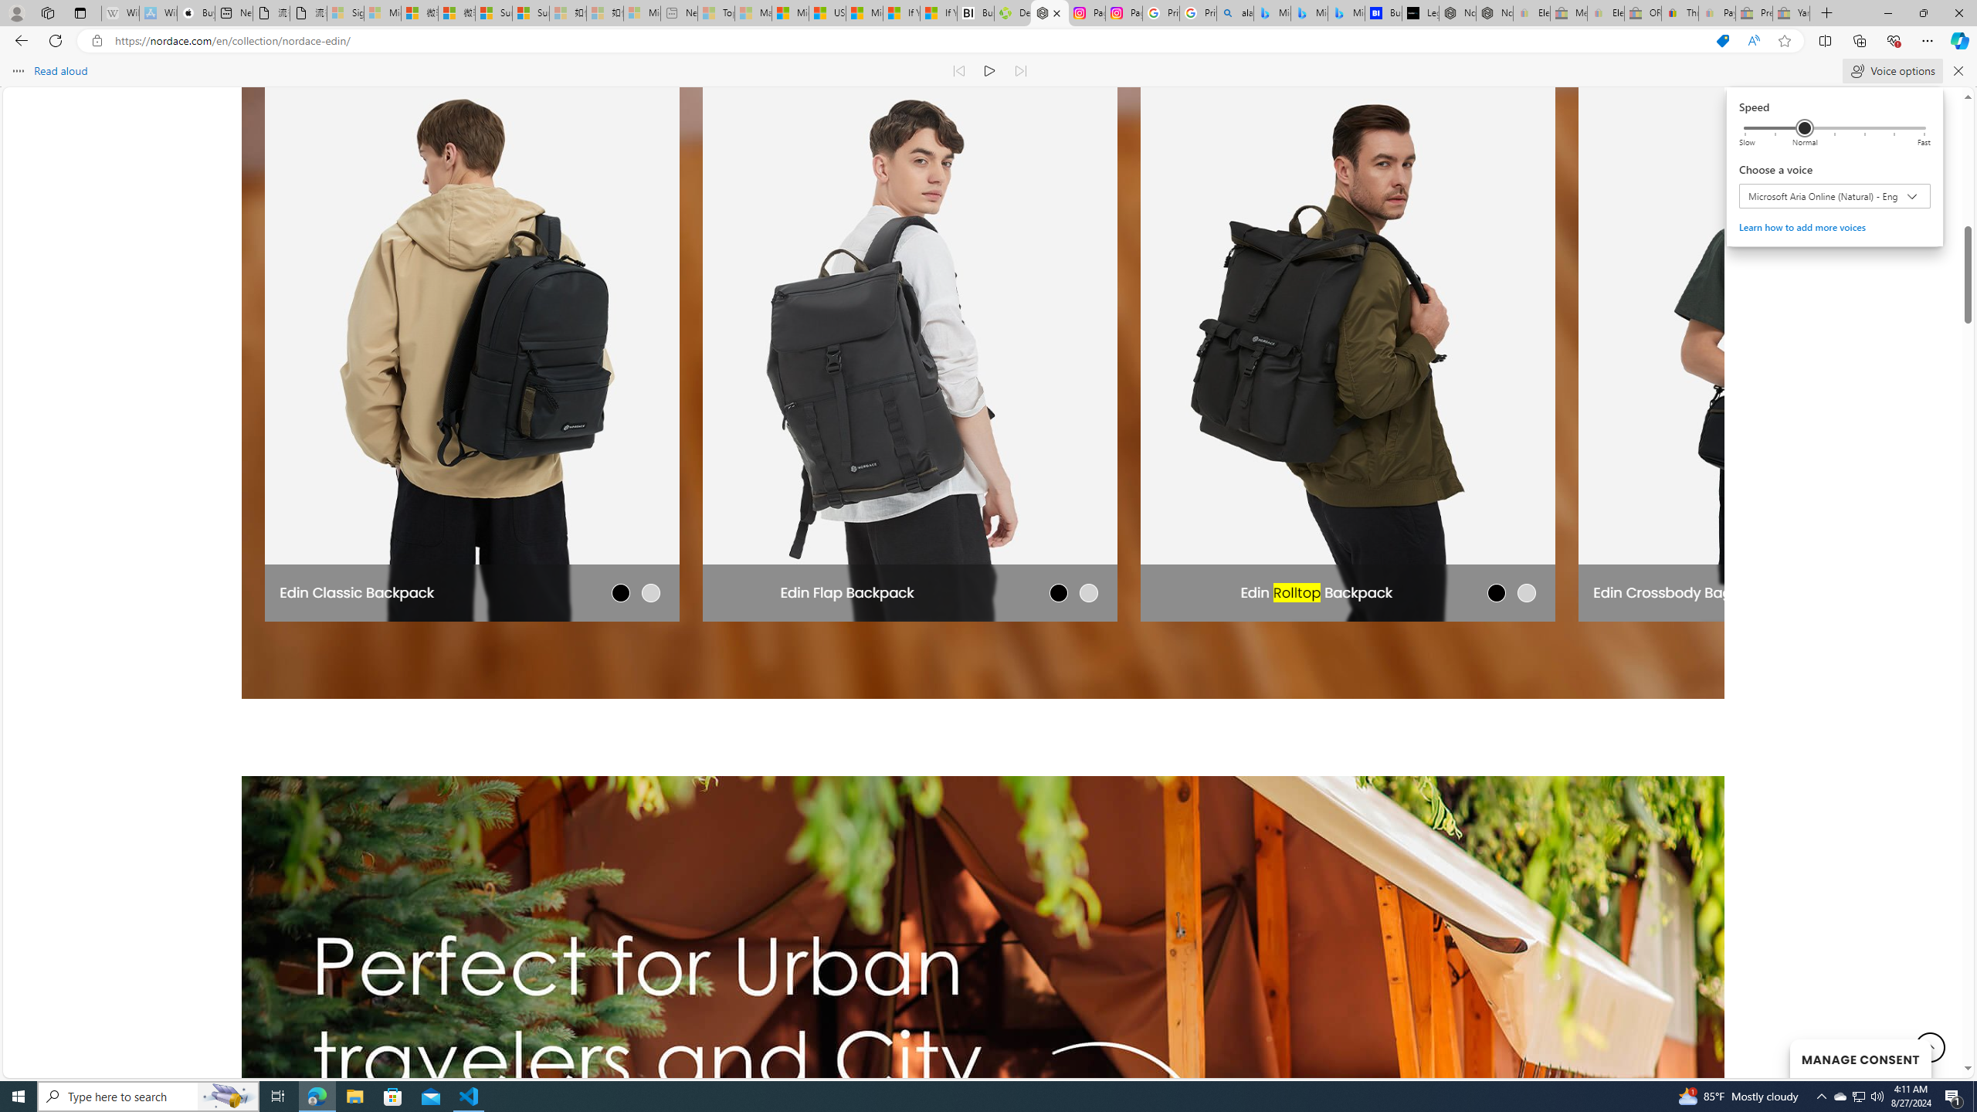  I want to click on 'Read previous paragraph', so click(958, 70).